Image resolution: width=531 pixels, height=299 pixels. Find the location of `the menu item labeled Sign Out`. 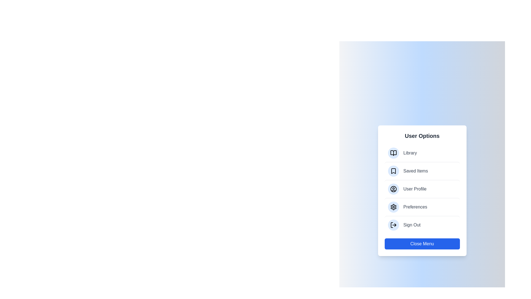

the menu item labeled Sign Out is located at coordinates (422, 225).